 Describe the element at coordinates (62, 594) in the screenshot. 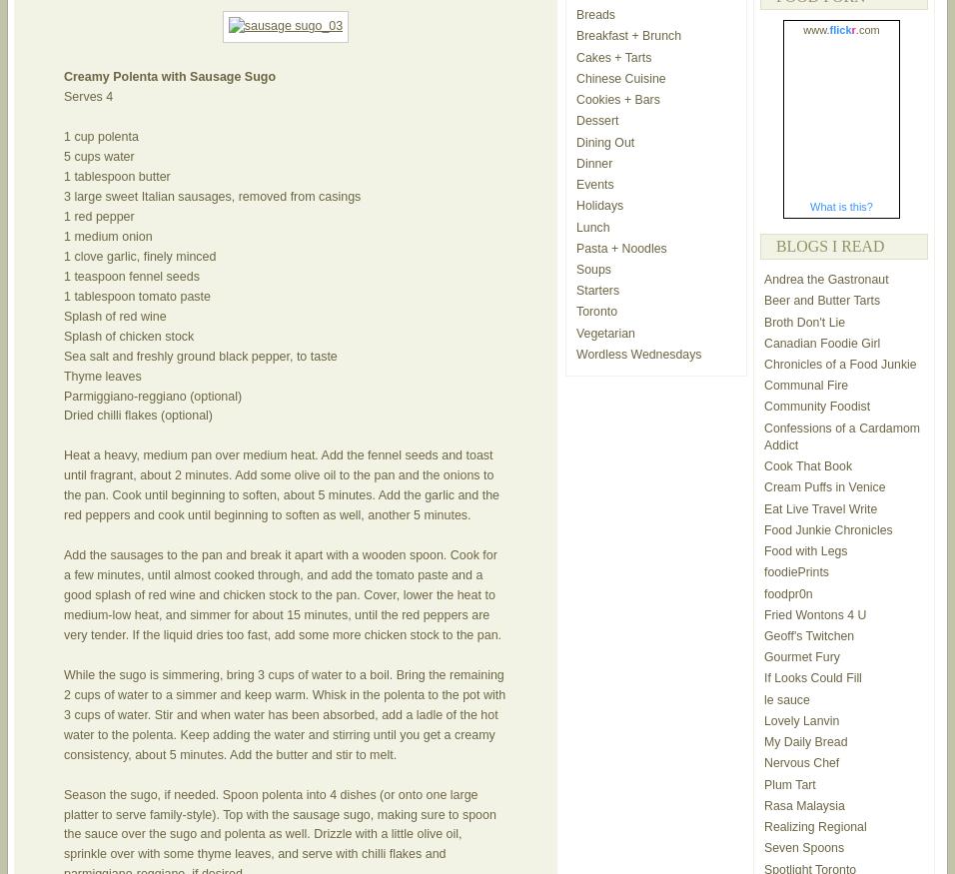

I see `'Add the sausages to the pan and break it apart with a wooden spoon. Cook for a few minutes, until almost cooked through, and add the tomato paste and a good splash of red wine and chicken stock to the pan. Cover, lower the heat to medium-low heat, and simmer for about 15 minutes, until the red peppers are very tender. If the liquid dries too fast, add some more chicken stock to the pan.'` at that location.